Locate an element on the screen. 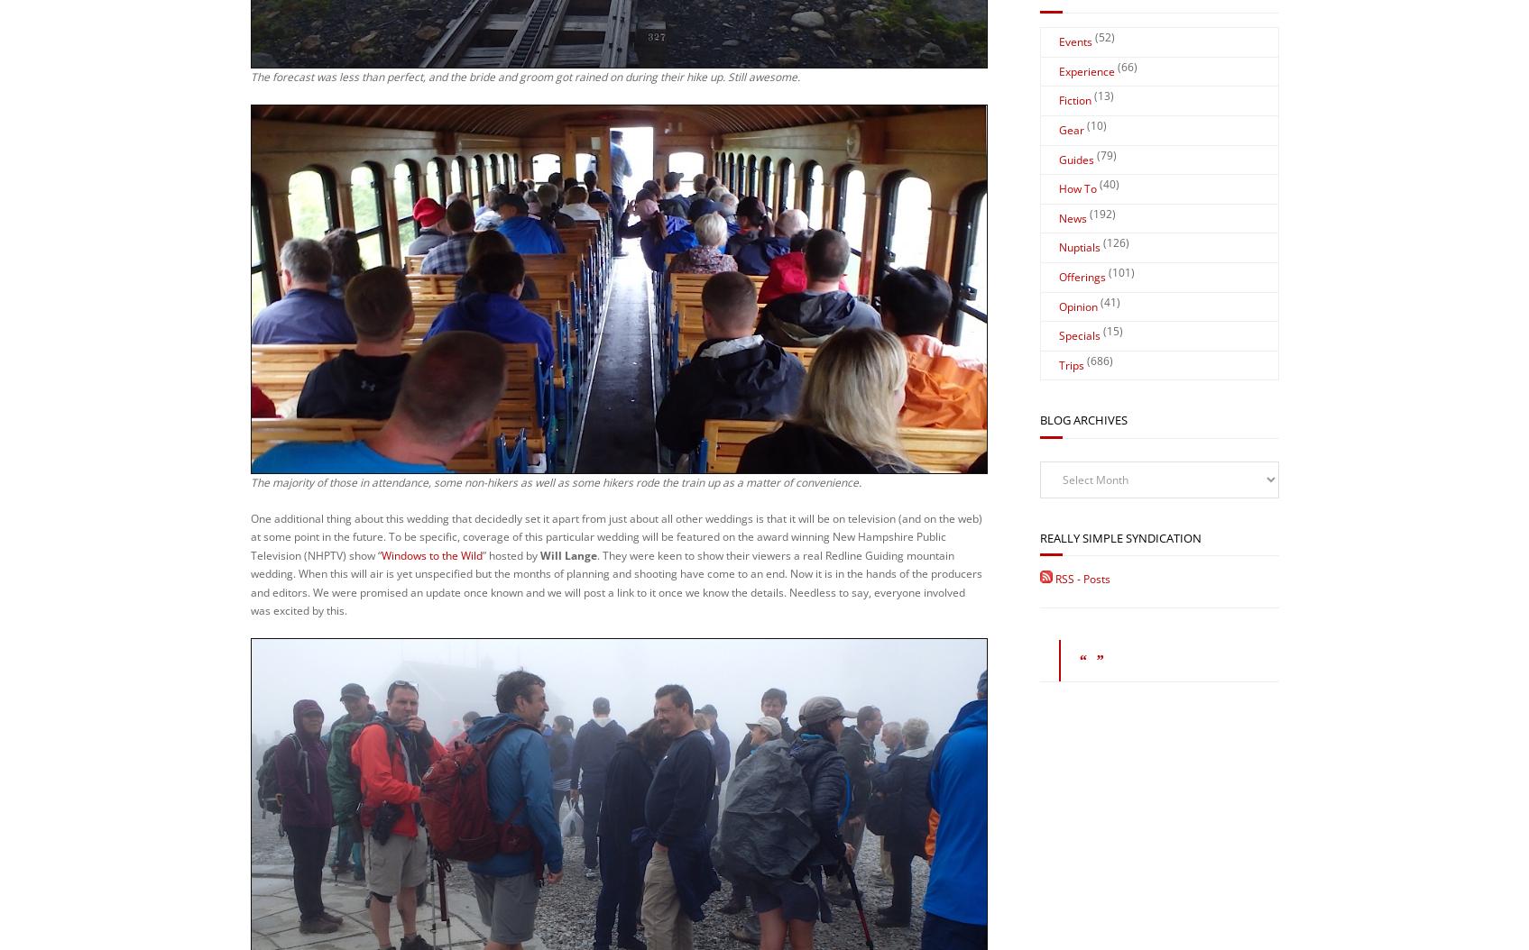 The width and height of the screenshot is (1529, 950). 'Copyright' is located at coordinates (604, 881).